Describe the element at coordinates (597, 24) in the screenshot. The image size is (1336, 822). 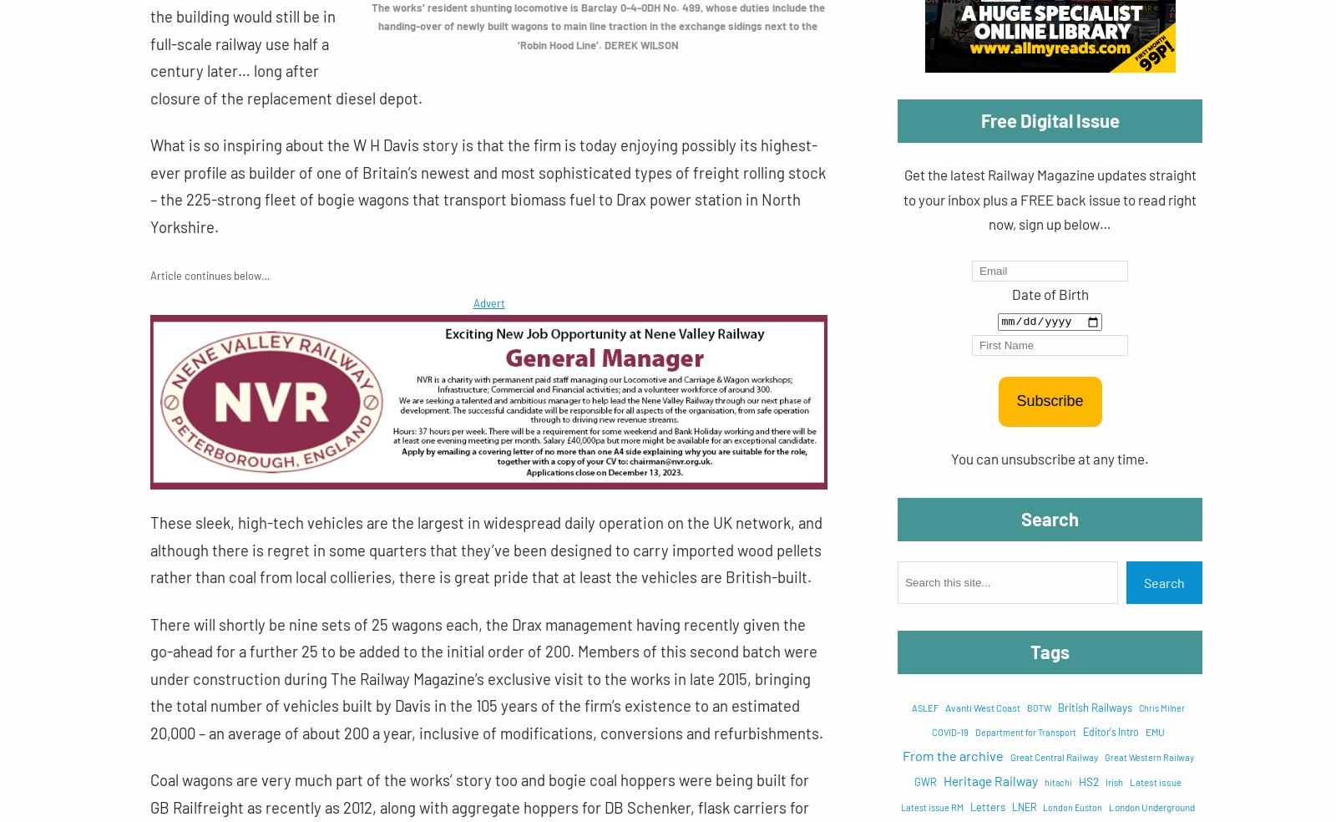
I see `'The works’ resident shunting locomotive is Barclay 0-4-0DH No. 499, whose duties include the handing-over of newly built wagons to main line traction in the exchange sidings next to the ‘Robin Hood Line’. DEREK WILSON'` at that location.